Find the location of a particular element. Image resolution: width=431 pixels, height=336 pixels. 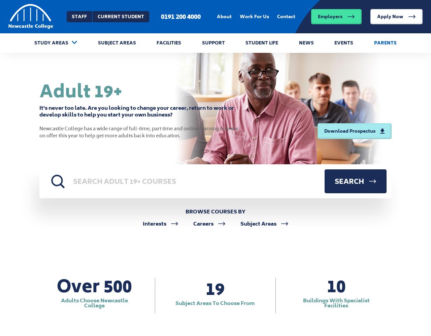

'Apply now' is located at coordinates (381, 56).